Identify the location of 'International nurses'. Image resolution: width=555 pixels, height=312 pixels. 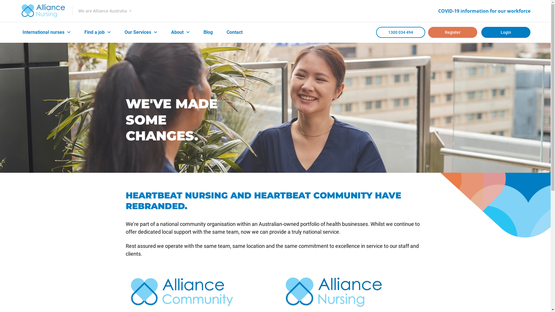
(47, 32).